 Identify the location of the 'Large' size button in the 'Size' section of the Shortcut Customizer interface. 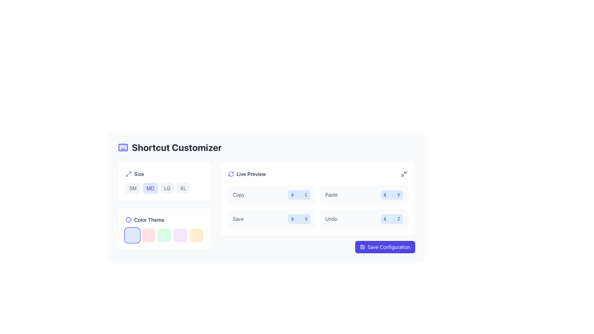
(167, 188).